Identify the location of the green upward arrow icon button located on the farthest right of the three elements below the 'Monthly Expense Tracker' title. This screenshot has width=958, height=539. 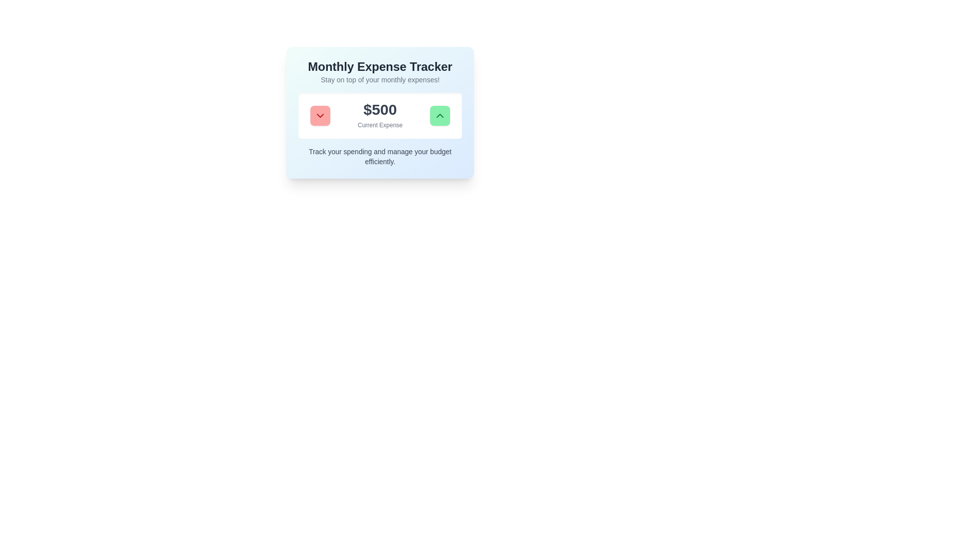
(440, 115).